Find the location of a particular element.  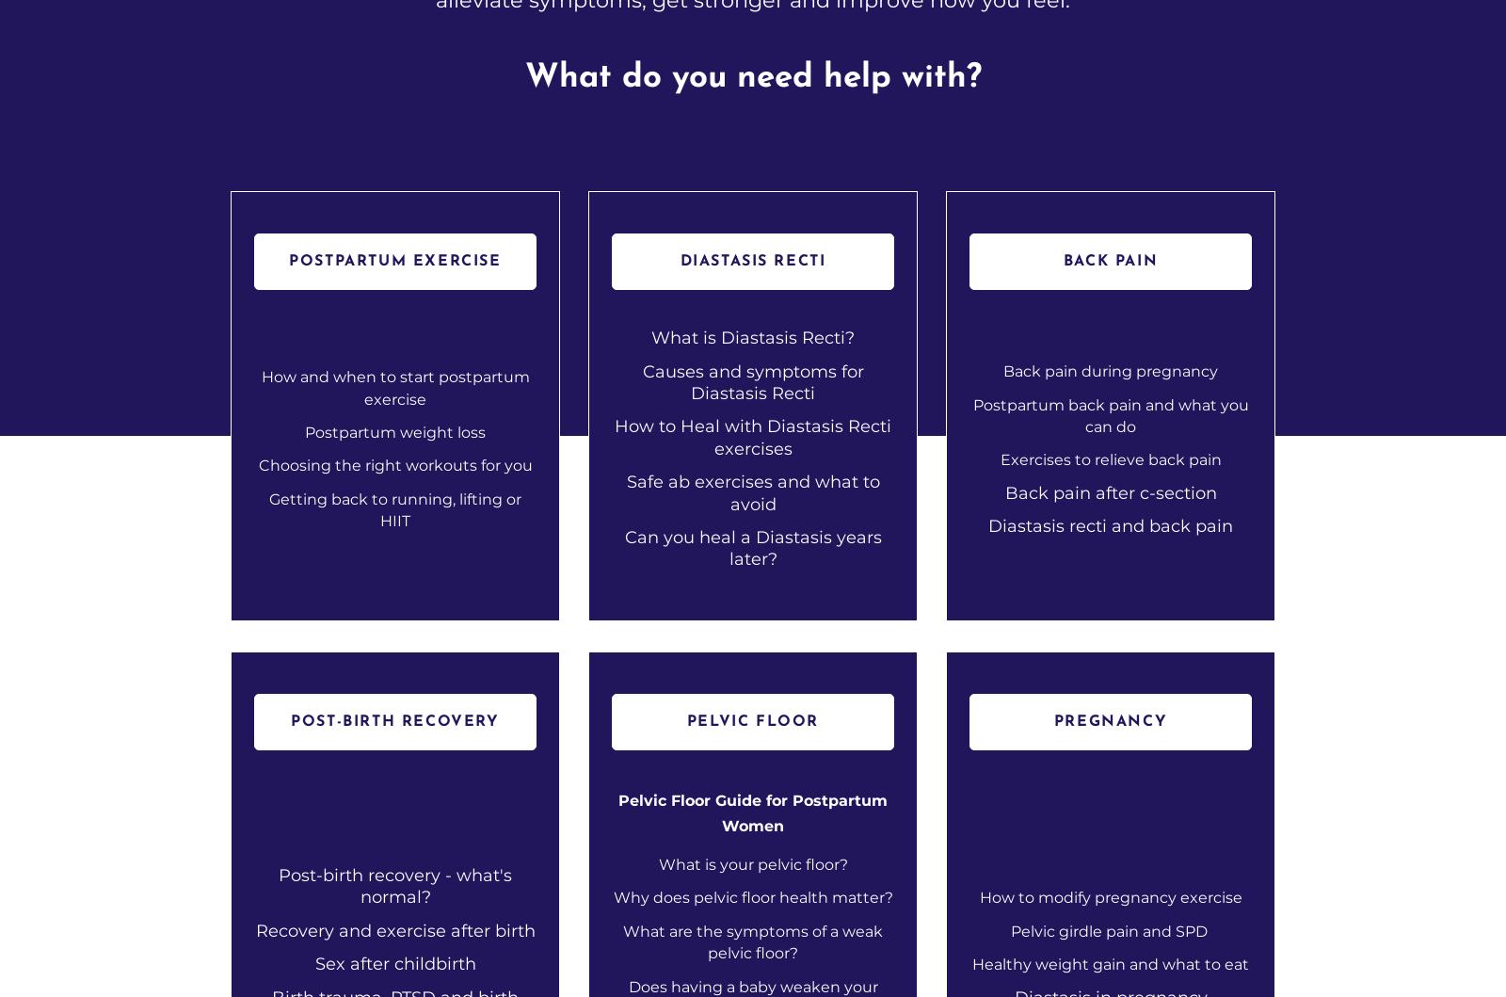

'Medical Disclaimer' is located at coordinates (1187, 764).